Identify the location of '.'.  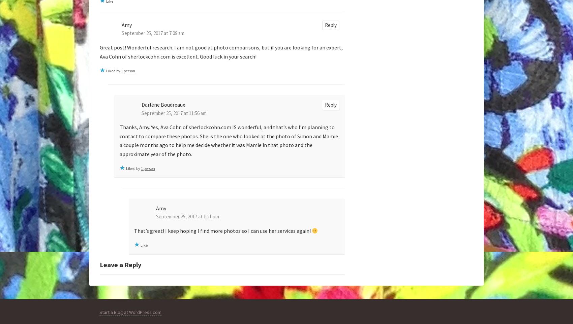
(162, 312).